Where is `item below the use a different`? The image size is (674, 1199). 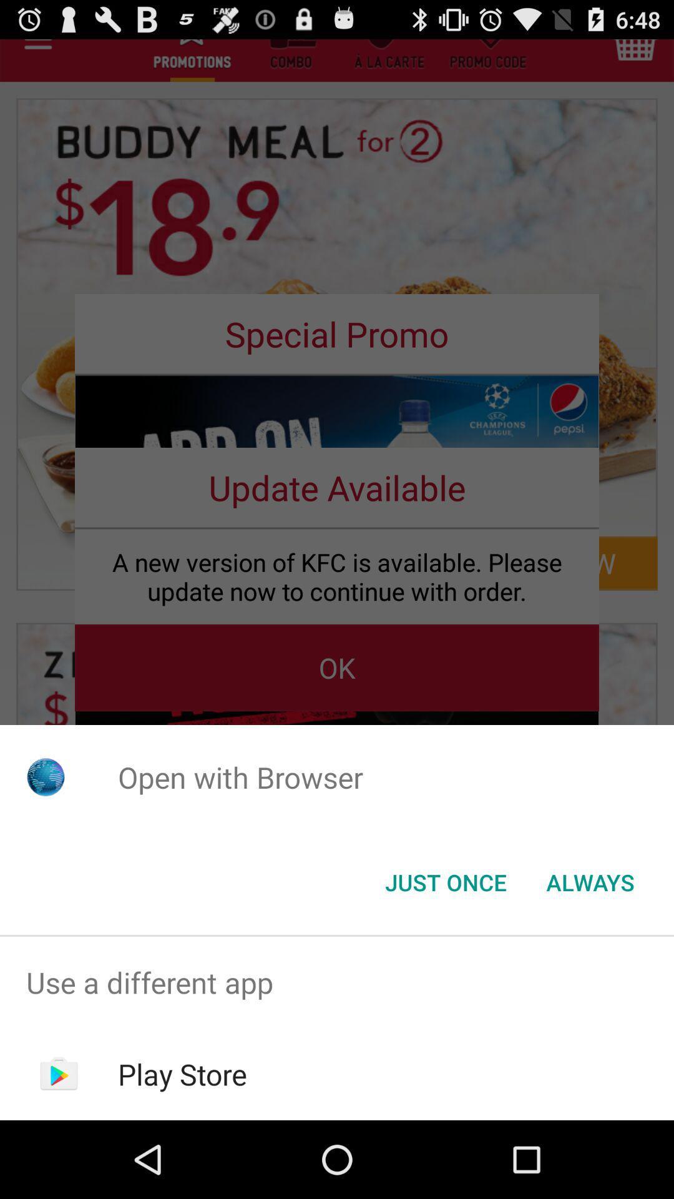 item below the use a different is located at coordinates (182, 1073).